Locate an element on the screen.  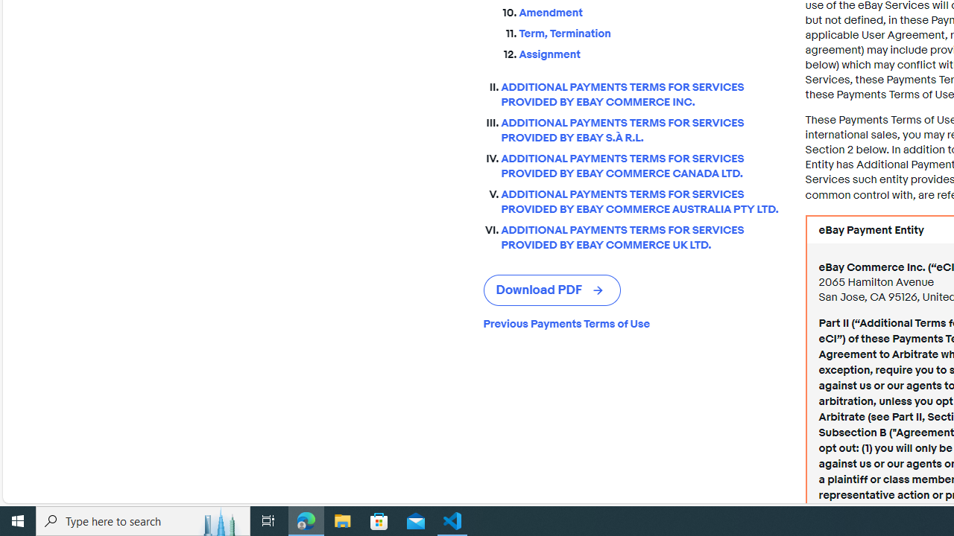
'Term, Termination' is located at coordinates (650, 31).